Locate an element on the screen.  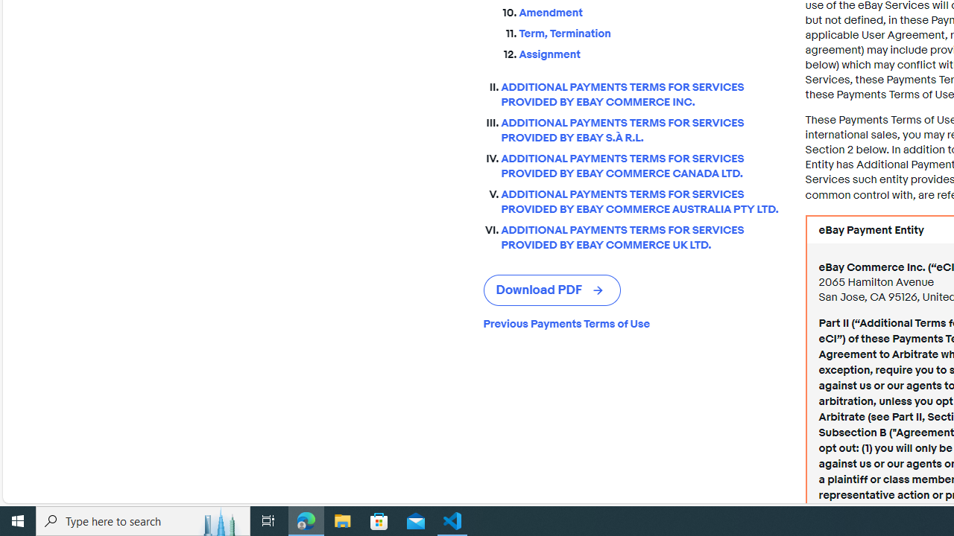
'Term, Termination' is located at coordinates (650, 31).